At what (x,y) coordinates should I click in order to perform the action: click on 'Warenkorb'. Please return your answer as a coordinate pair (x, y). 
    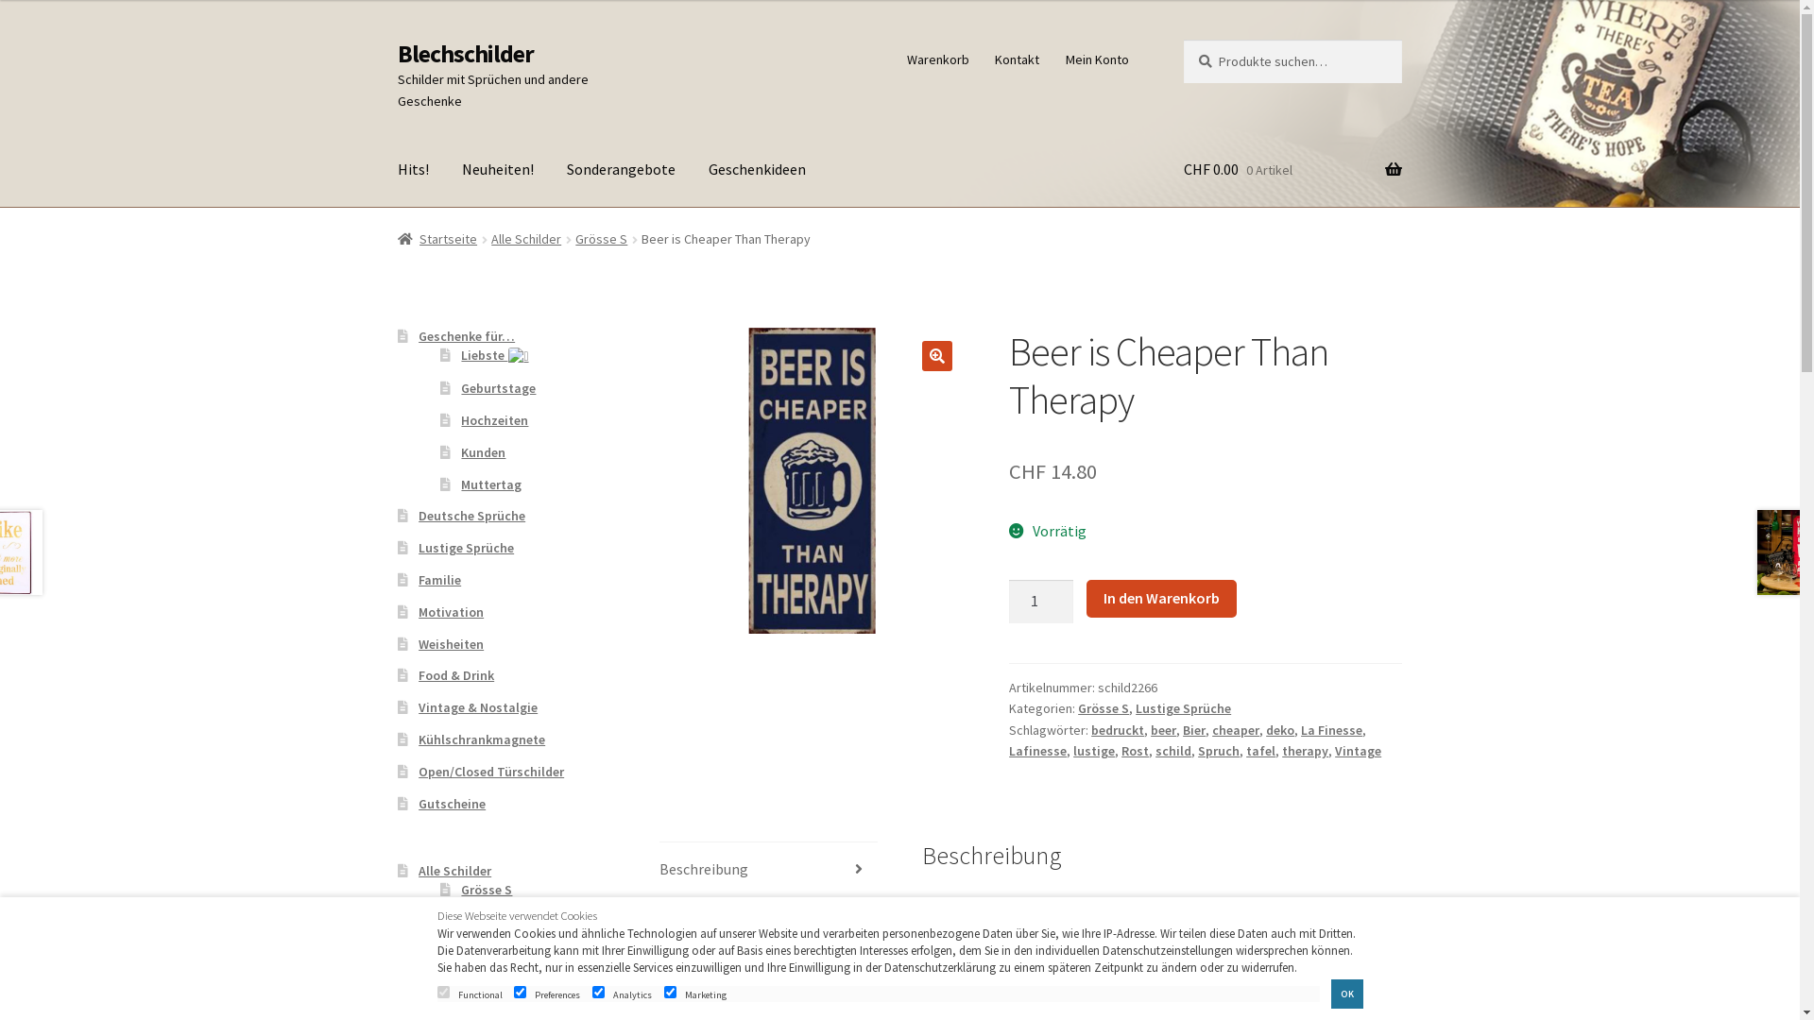
    Looking at the image, I should click on (937, 58).